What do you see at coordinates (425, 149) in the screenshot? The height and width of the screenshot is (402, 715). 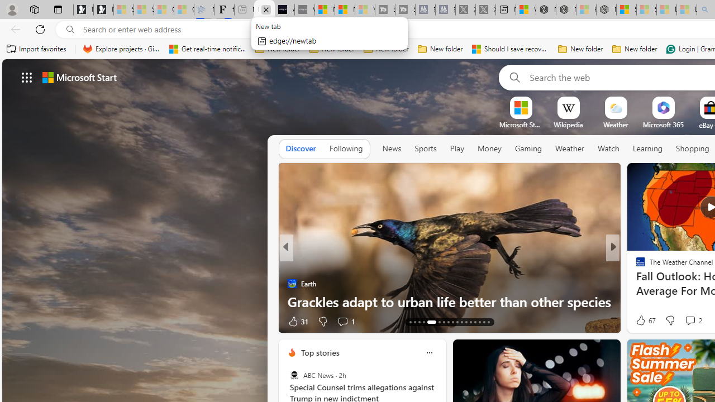 I see `'Sports'` at bounding box center [425, 149].